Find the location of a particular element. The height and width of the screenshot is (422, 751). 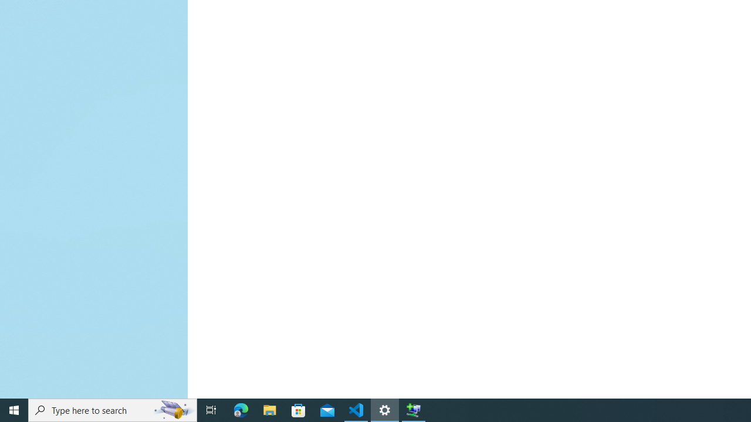

'Task View' is located at coordinates (211, 409).